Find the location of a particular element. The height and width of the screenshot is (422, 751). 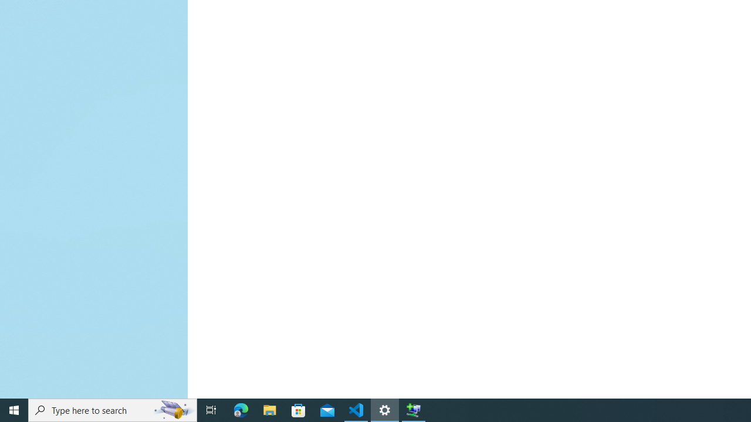

'Task View' is located at coordinates (211, 409).